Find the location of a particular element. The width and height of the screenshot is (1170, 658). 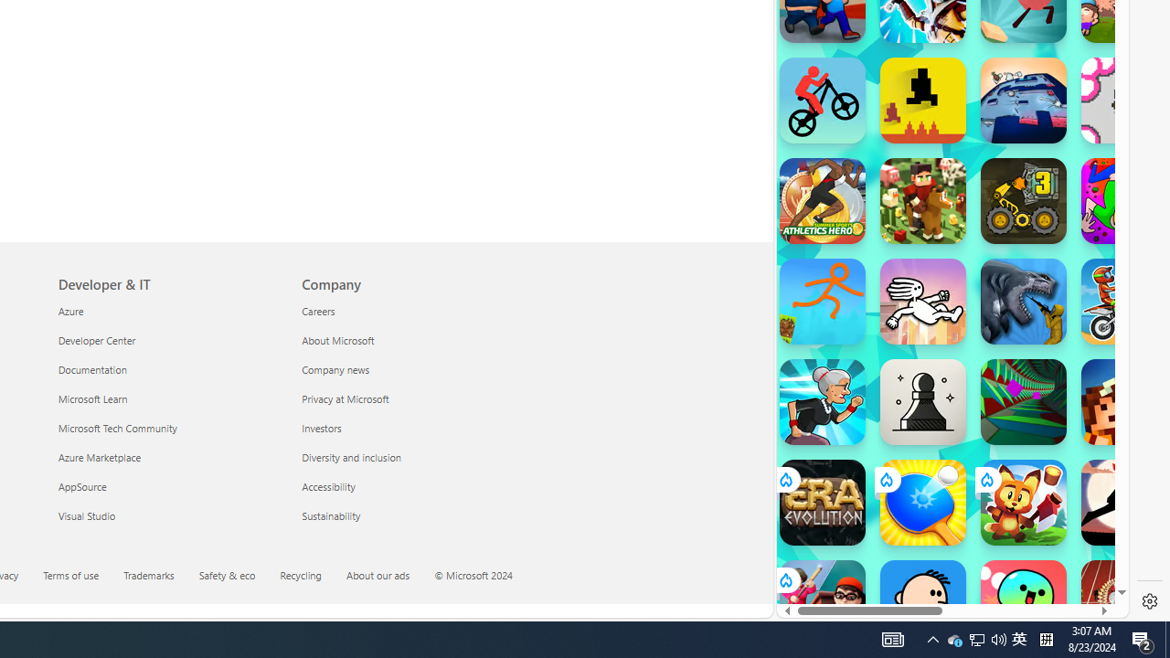

'Athletics Hero Athletics Hero' is located at coordinates (821, 200).